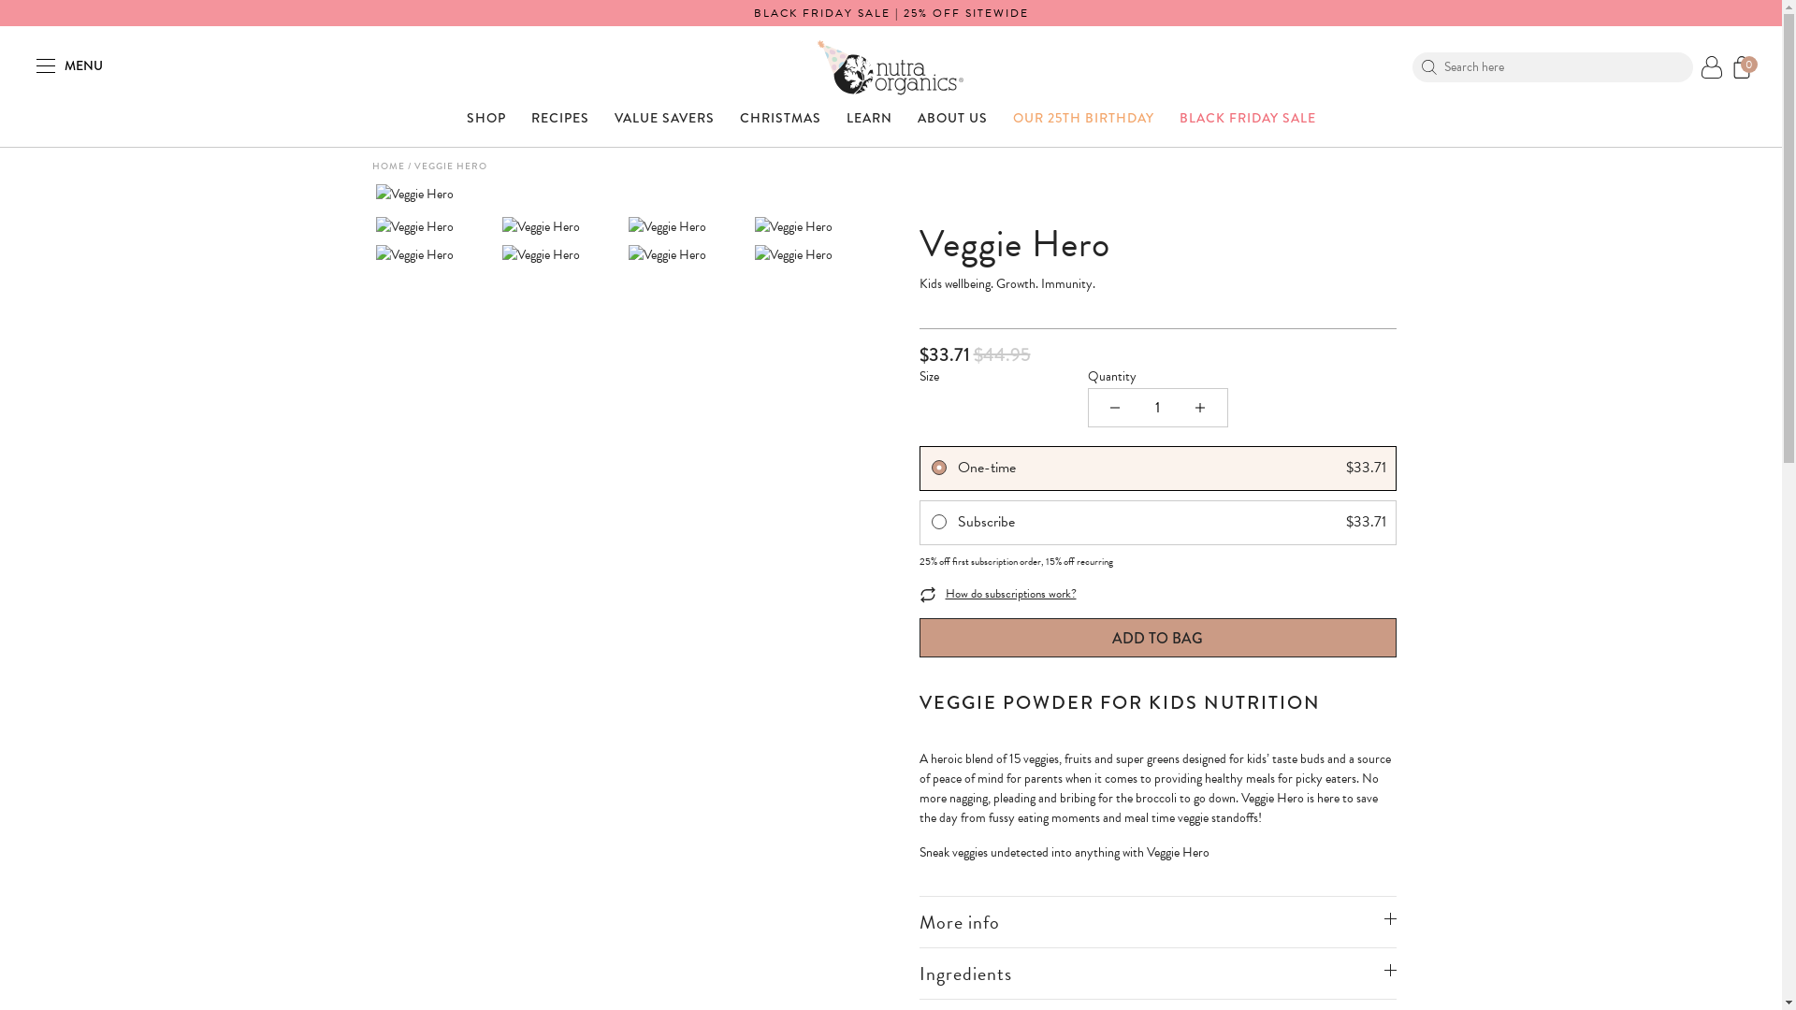 This screenshot has height=1010, width=1796. Describe the element at coordinates (387, 165) in the screenshot. I see `'HOME'` at that location.